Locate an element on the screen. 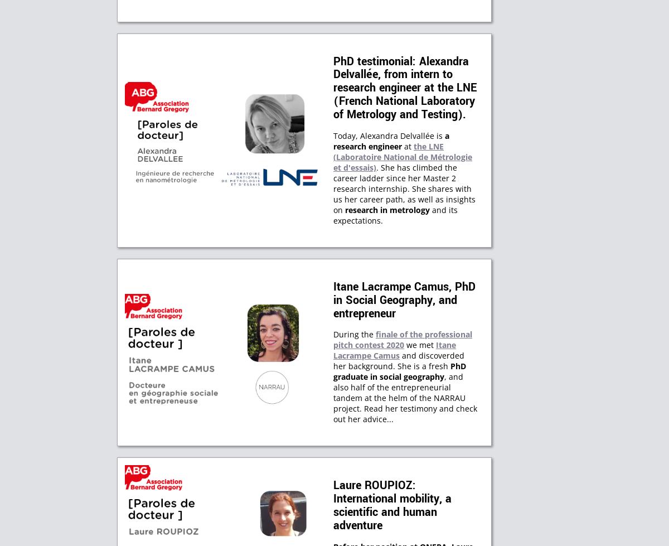  'Today, Alexandra Delvallée is' is located at coordinates (389, 135).